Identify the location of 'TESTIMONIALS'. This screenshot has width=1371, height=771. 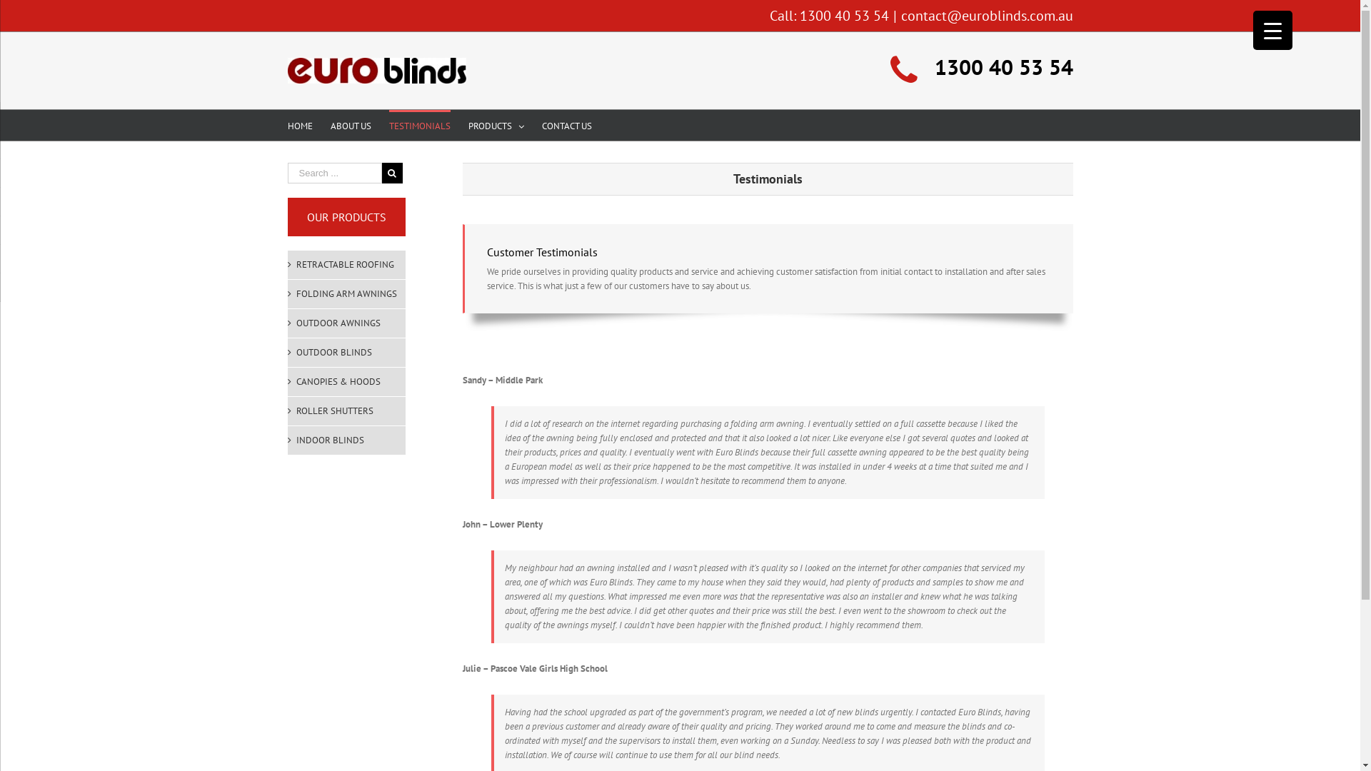
(418, 124).